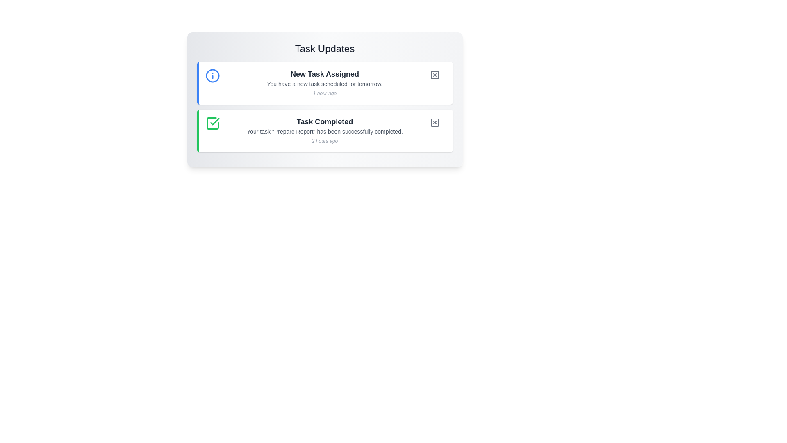  I want to click on the first notification card in the 'Task Updates' section, so click(324, 83).